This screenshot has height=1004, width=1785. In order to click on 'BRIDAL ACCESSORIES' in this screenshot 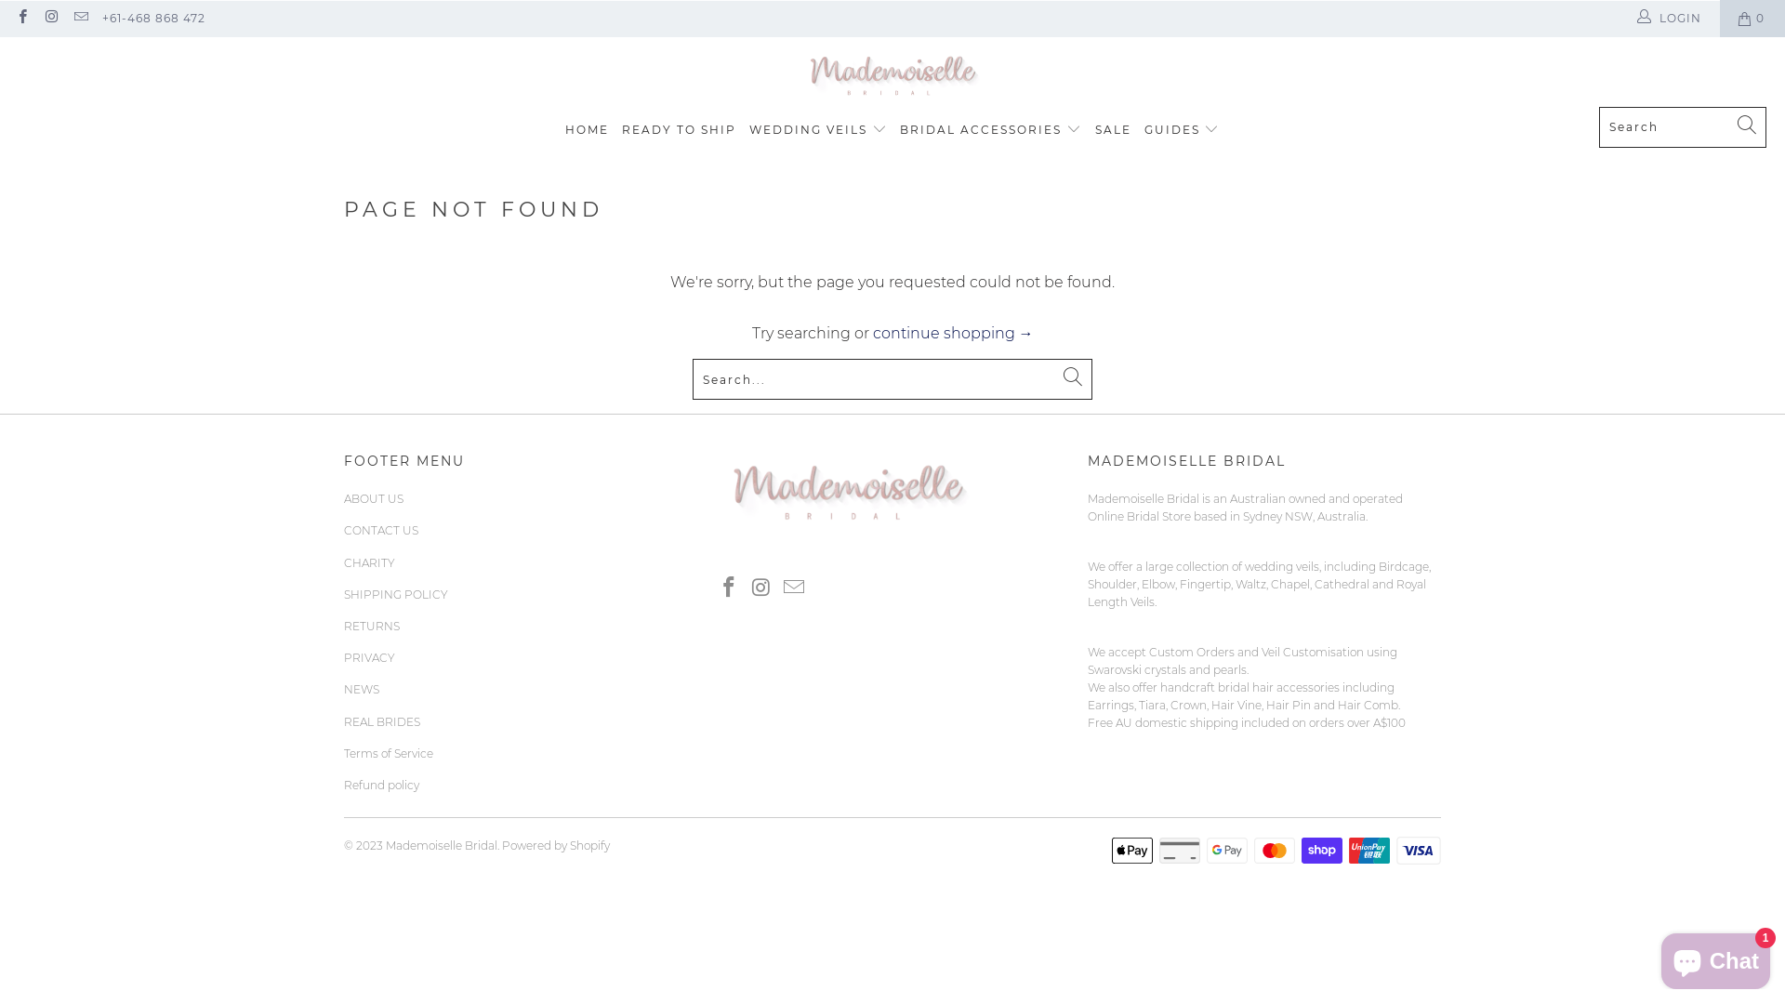, I will do `click(989, 128)`.